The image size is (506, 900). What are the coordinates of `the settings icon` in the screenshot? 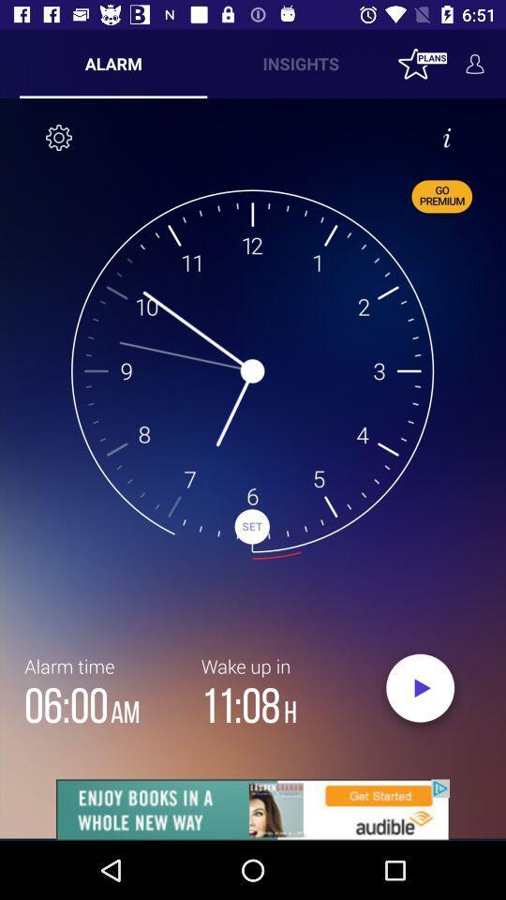 It's located at (59, 136).